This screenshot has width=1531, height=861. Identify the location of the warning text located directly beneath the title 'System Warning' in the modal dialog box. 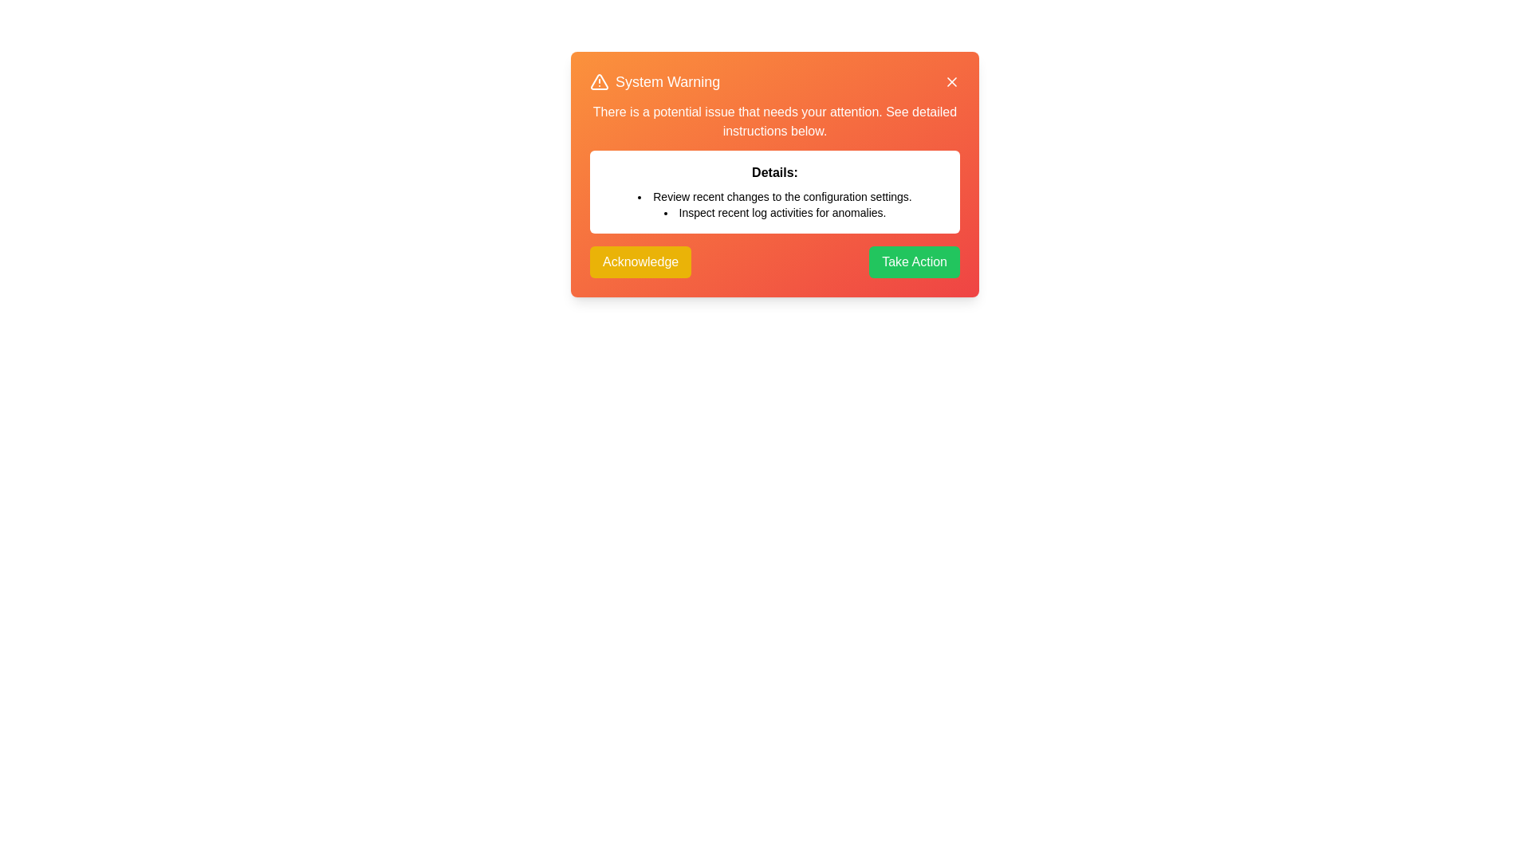
(774, 121).